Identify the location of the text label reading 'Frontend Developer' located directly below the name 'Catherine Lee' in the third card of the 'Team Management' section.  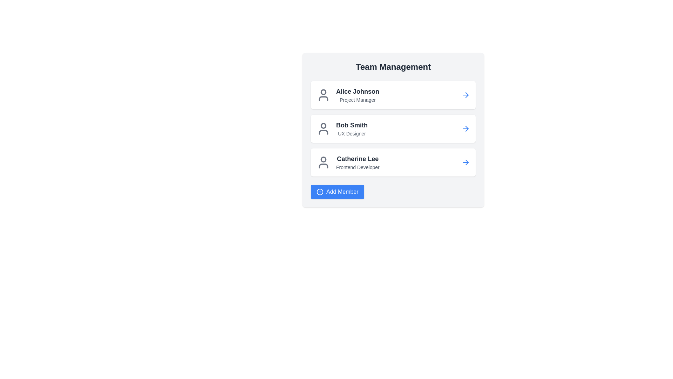
(358, 167).